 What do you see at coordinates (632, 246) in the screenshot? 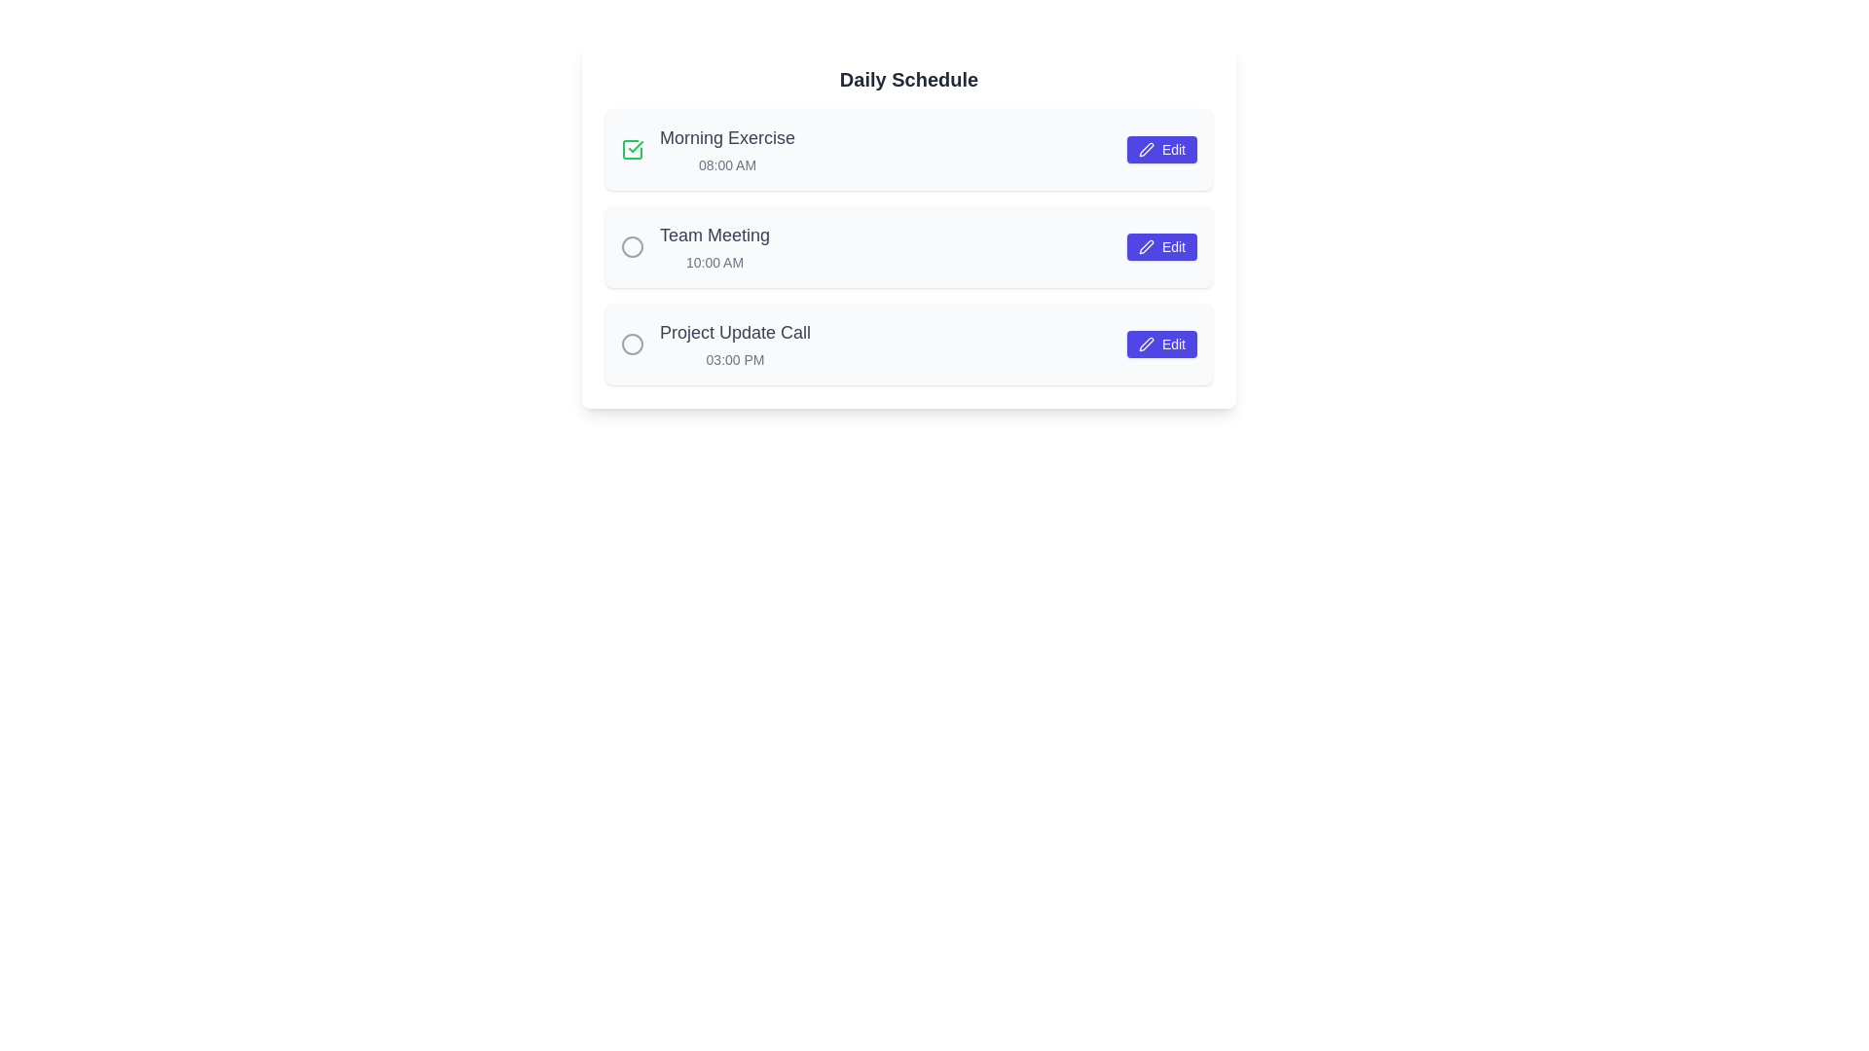
I see `filled circular SVG element located in the third row of the 'Project Update Call' section, which has a gray border and interior within a larger circular frame` at bounding box center [632, 246].